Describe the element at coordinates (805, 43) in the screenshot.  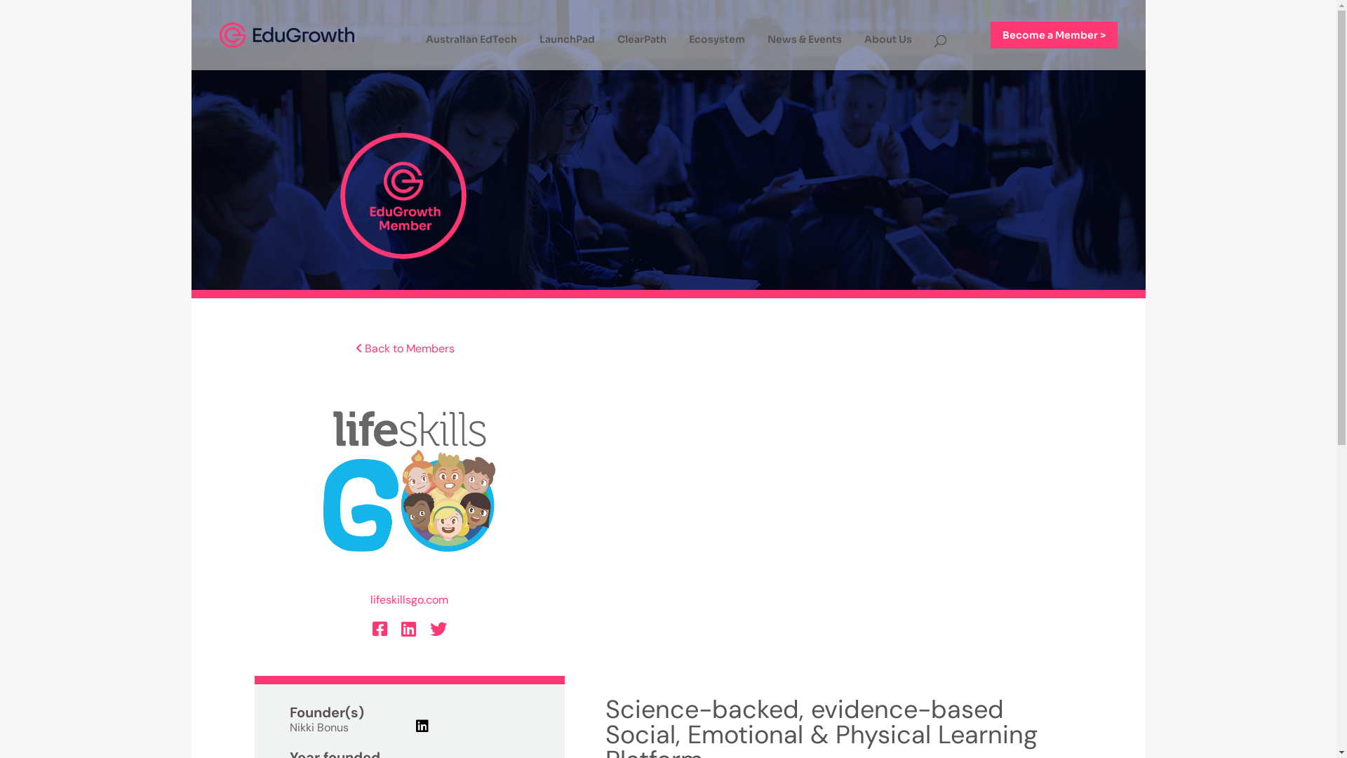
I see `'News & Events'` at that location.